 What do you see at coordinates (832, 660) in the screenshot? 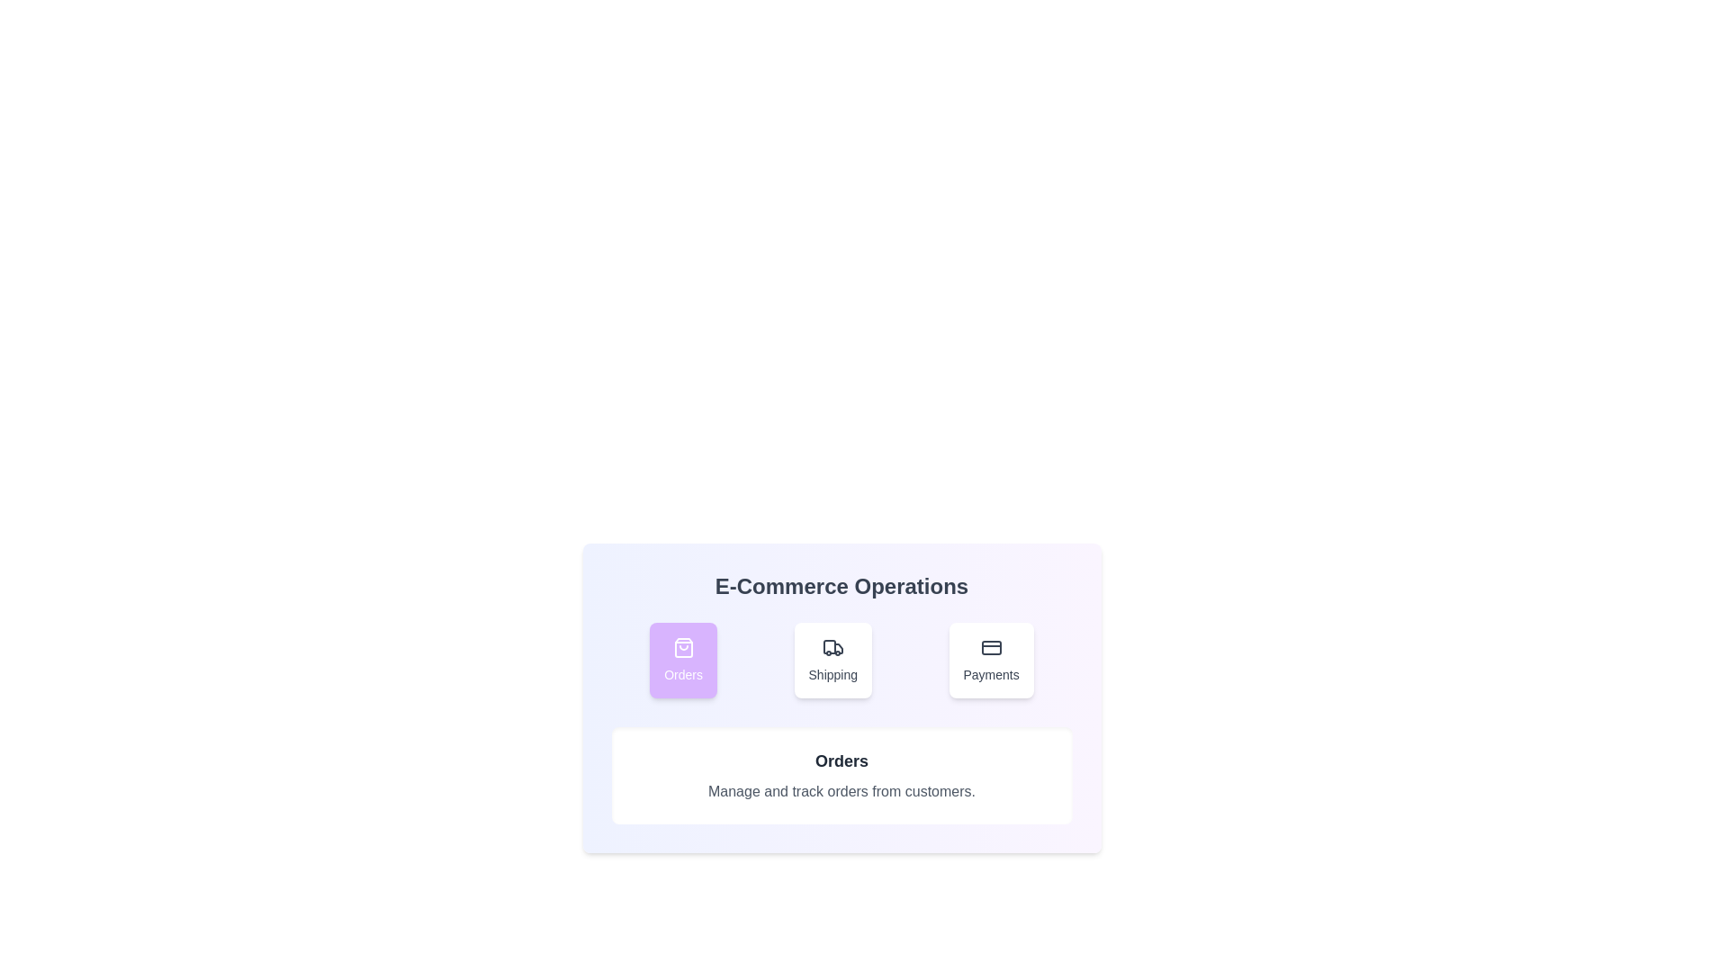
I see `the button located centrally between 'Orders' and 'Payments'` at bounding box center [832, 660].